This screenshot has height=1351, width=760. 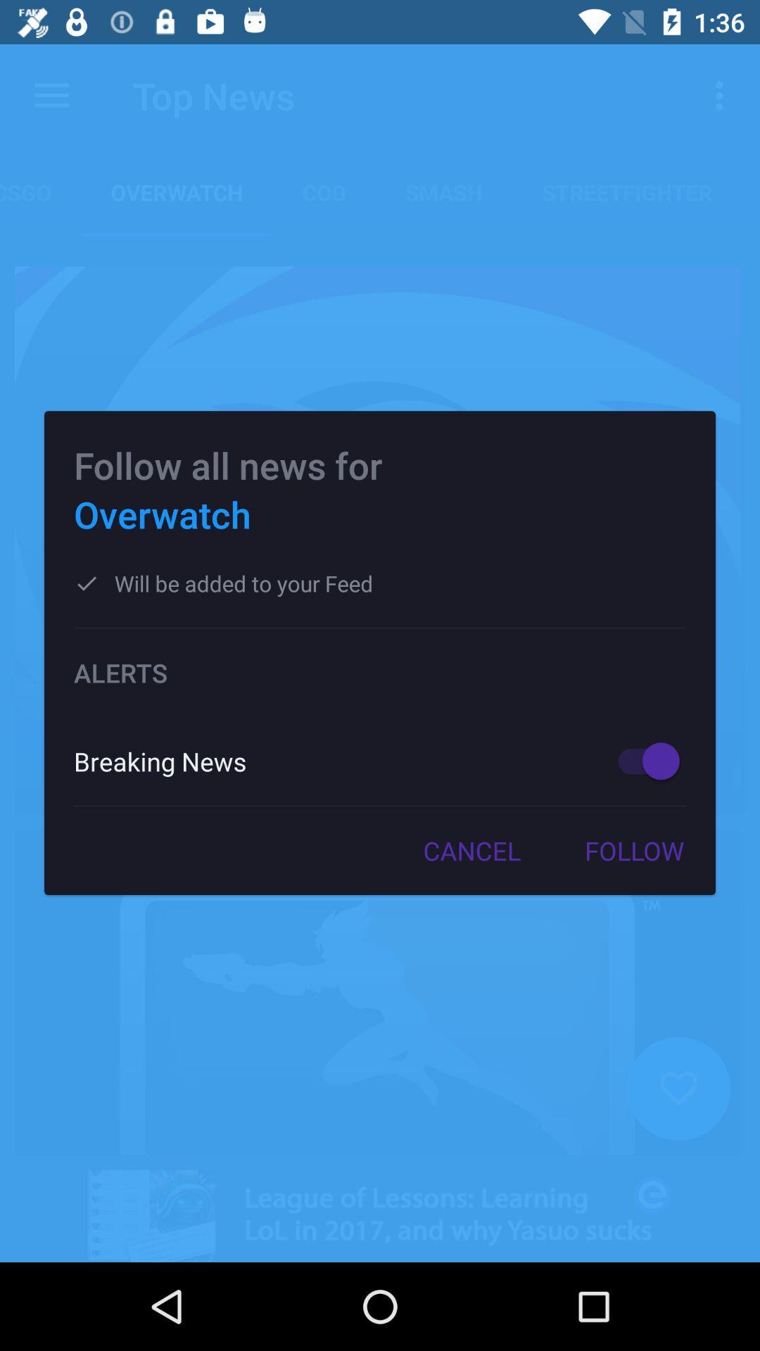 I want to click on breaking news option, so click(x=642, y=760).